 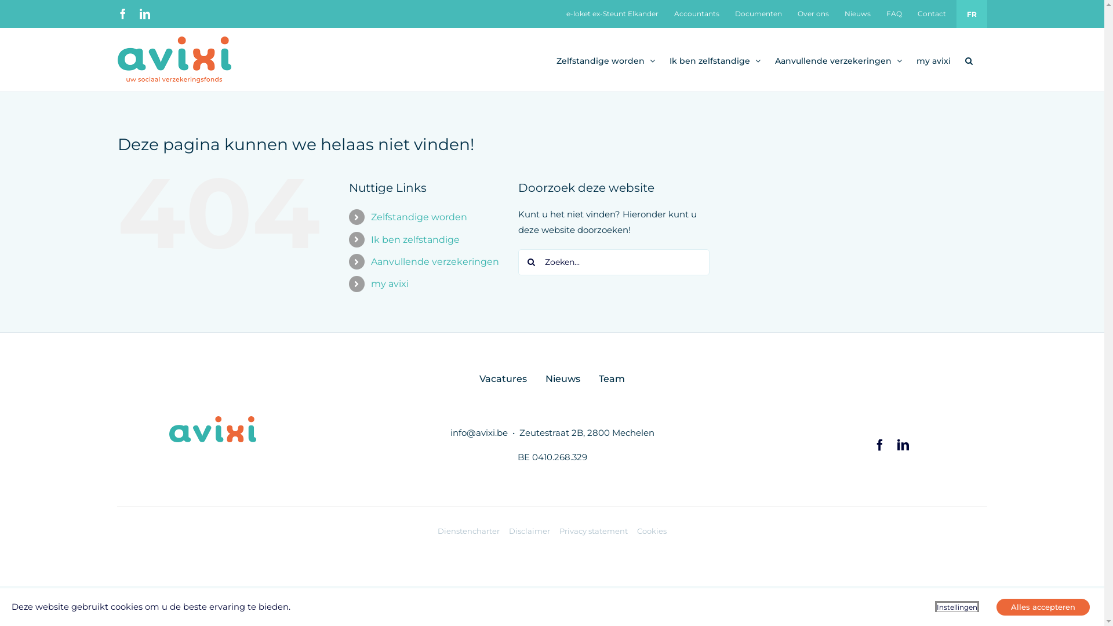 I want to click on 'Ik ben zelfstandige', so click(x=415, y=239).